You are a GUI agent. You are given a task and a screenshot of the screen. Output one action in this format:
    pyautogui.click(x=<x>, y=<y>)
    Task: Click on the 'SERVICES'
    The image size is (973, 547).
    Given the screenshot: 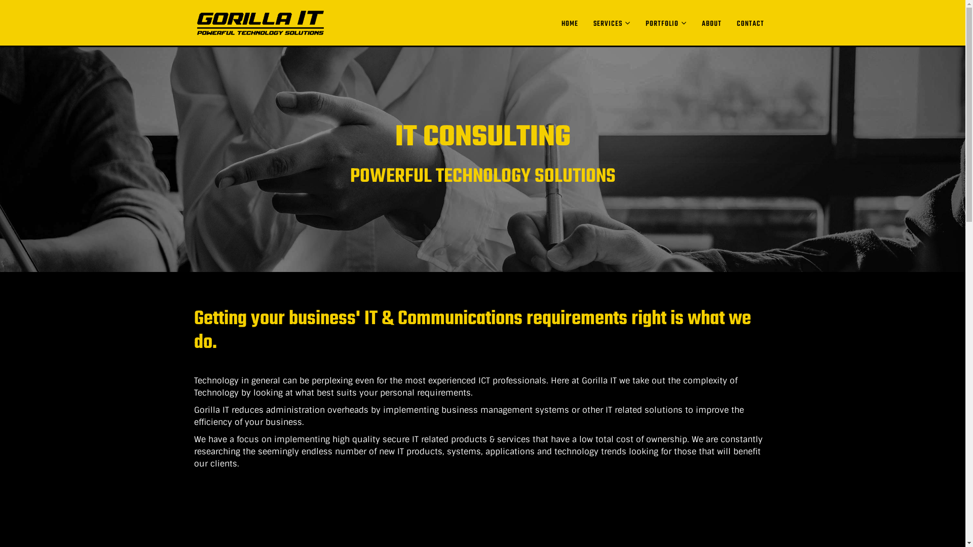 What is the action you would take?
    pyautogui.click(x=611, y=23)
    